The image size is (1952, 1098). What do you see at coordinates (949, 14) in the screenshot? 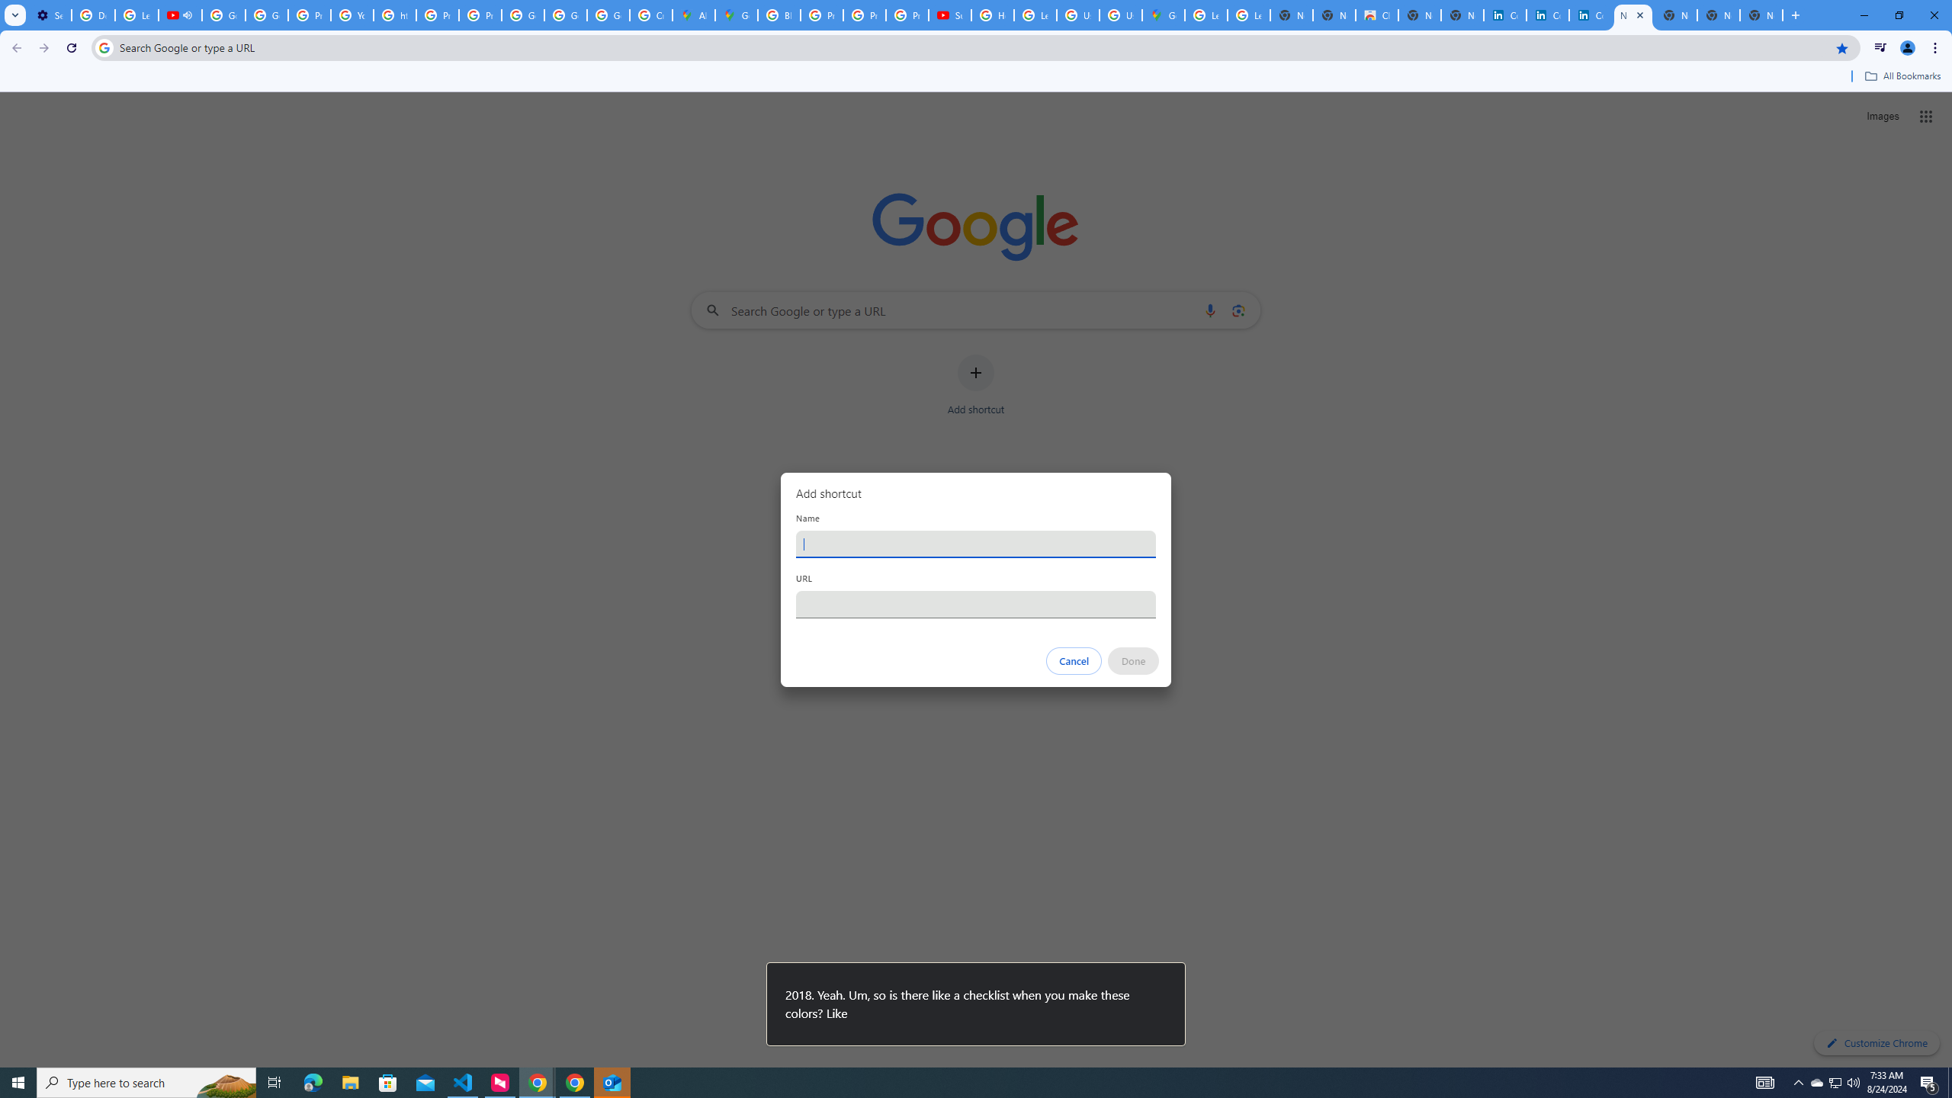
I see `'Subscriptions - YouTube'` at bounding box center [949, 14].